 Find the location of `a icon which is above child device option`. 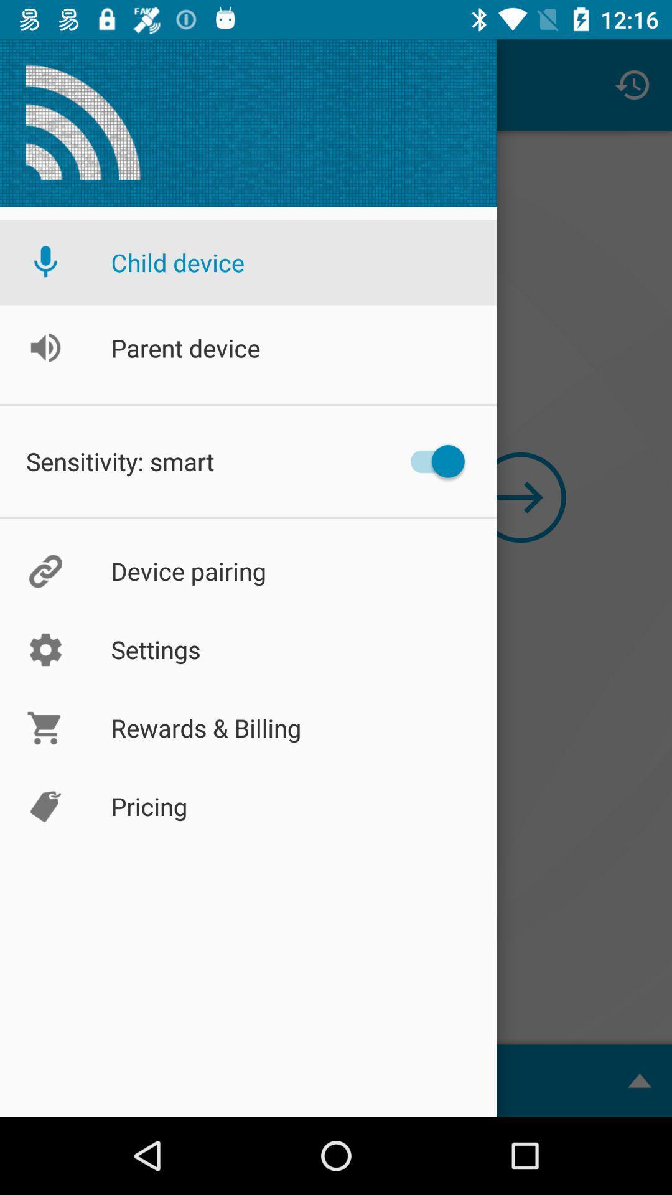

a icon which is above child device option is located at coordinates (83, 123).